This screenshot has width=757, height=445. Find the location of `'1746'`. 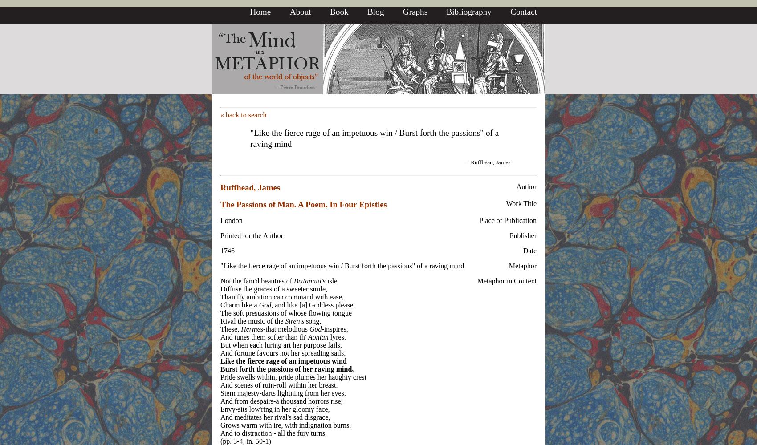

'1746' is located at coordinates (220, 250).